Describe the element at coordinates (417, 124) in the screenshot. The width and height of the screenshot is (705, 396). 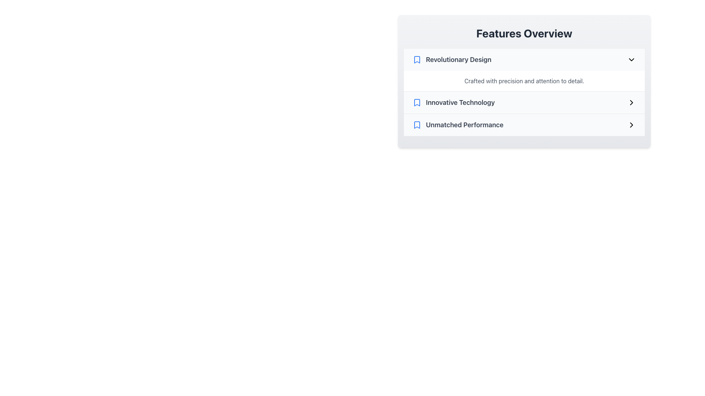
I see `the bookmark icon with a thin blue outline located to the left of the text 'Unmatched Performance' in the third row of the 'Features Overview' section` at that location.